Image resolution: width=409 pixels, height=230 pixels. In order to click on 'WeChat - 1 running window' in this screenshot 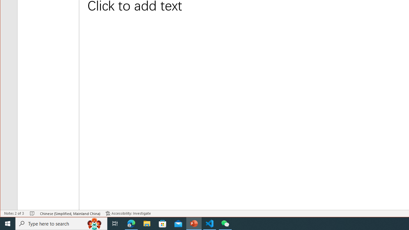, I will do `click(225, 223)`.